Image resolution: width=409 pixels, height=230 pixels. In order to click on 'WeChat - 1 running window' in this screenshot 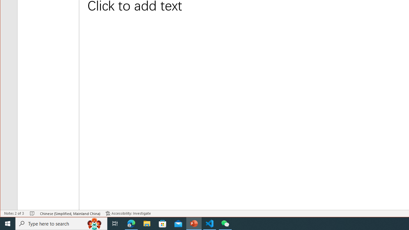, I will do `click(225, 223)`.